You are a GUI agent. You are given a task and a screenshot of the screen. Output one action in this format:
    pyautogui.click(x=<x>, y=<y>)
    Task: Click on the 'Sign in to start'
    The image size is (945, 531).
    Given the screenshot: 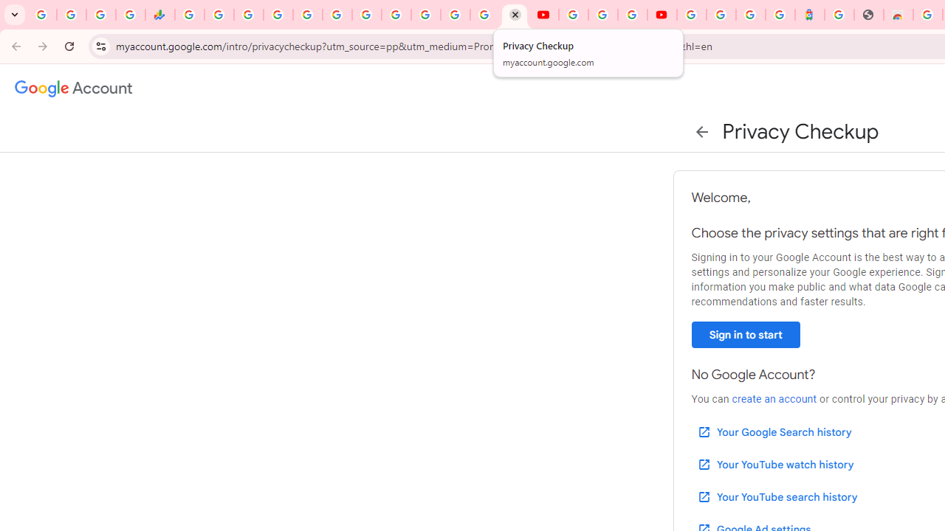 What is the action you would take?
    pyautogui.click(x=745, y=335)
    